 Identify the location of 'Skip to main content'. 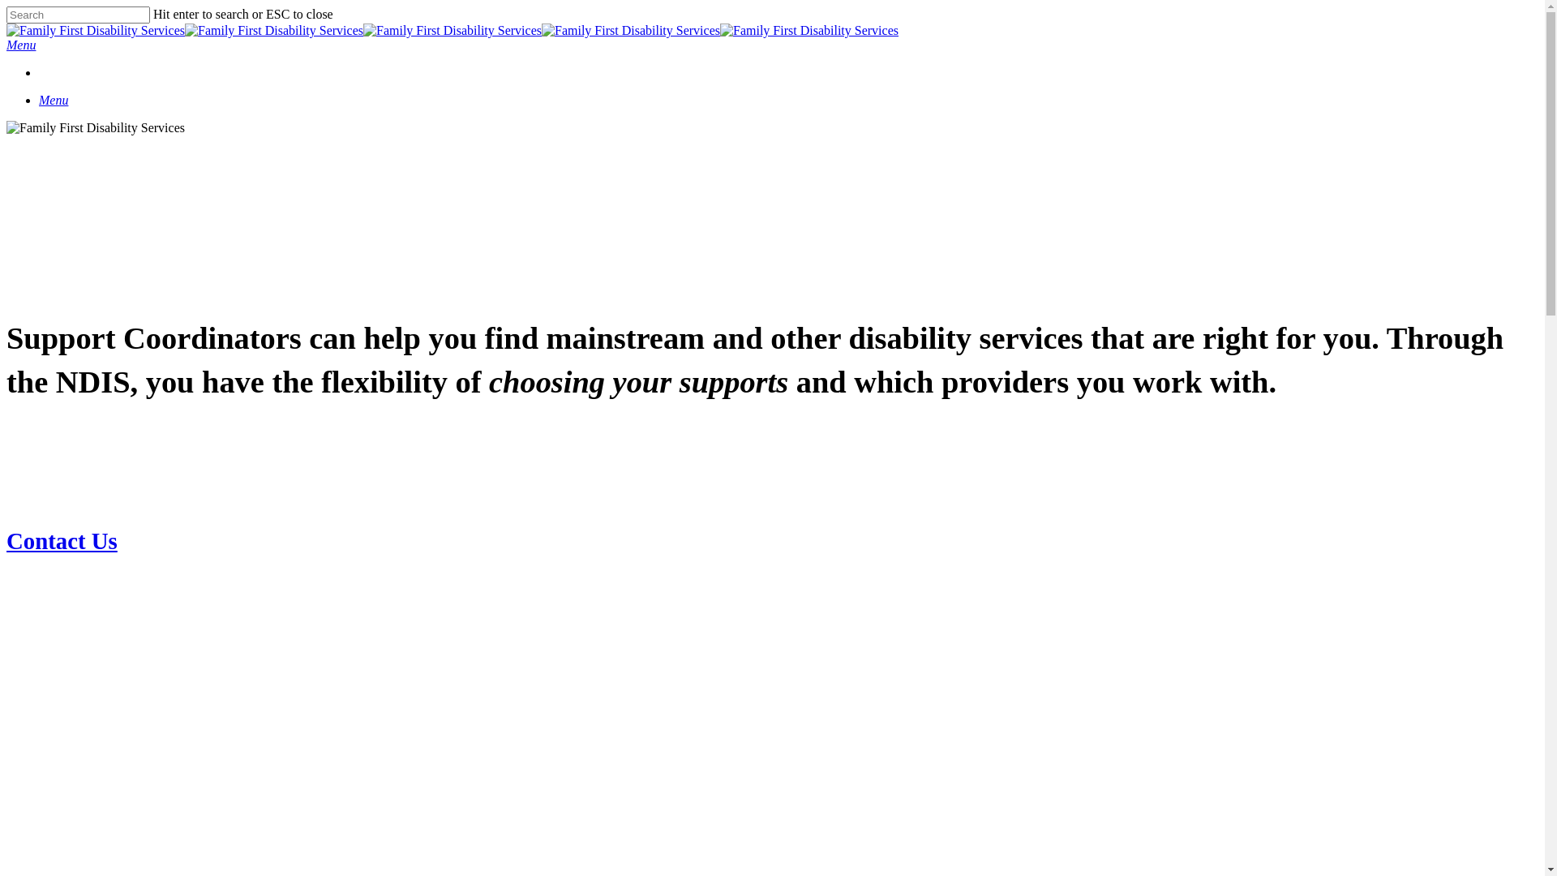
(6, 6).